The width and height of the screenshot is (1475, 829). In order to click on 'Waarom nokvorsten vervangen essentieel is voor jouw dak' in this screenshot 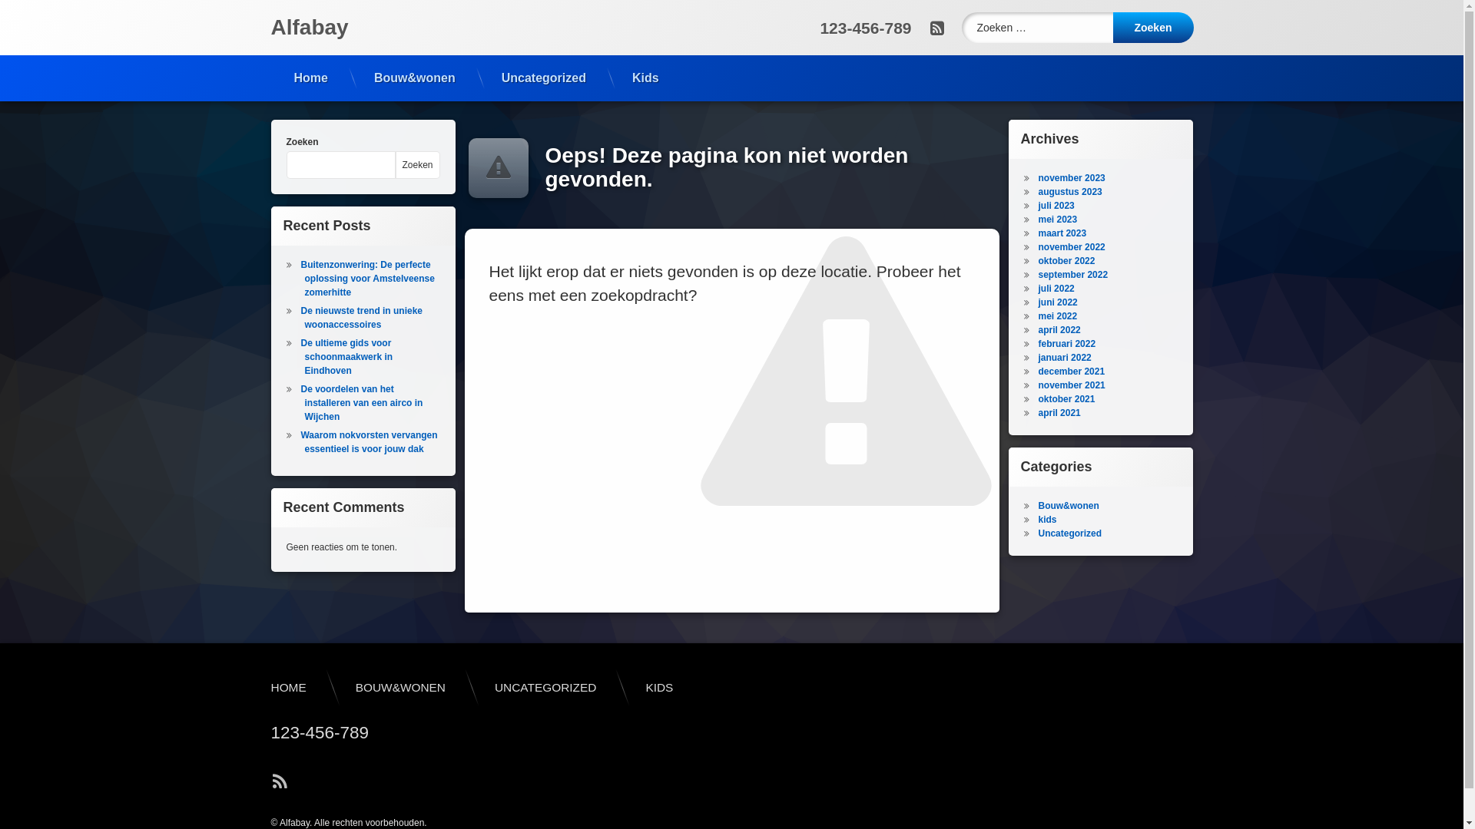, I will do `click(369, 441)`.